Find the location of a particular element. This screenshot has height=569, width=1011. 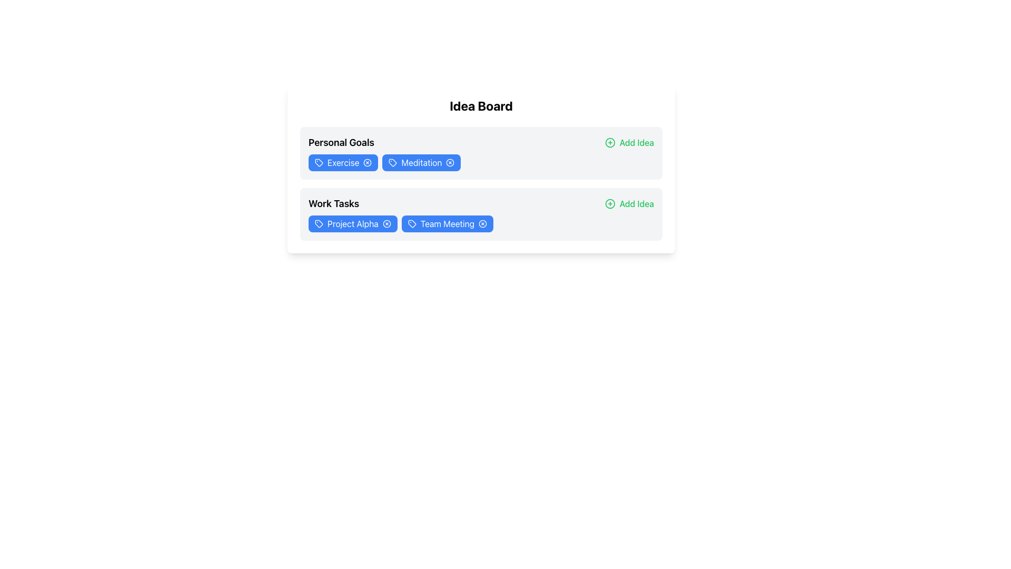

the 'Project Alpha' tag by clicking on the circular indicator located within it, which is positioned immediately to the right of the tag's text label is located at coordinates (386, 223).